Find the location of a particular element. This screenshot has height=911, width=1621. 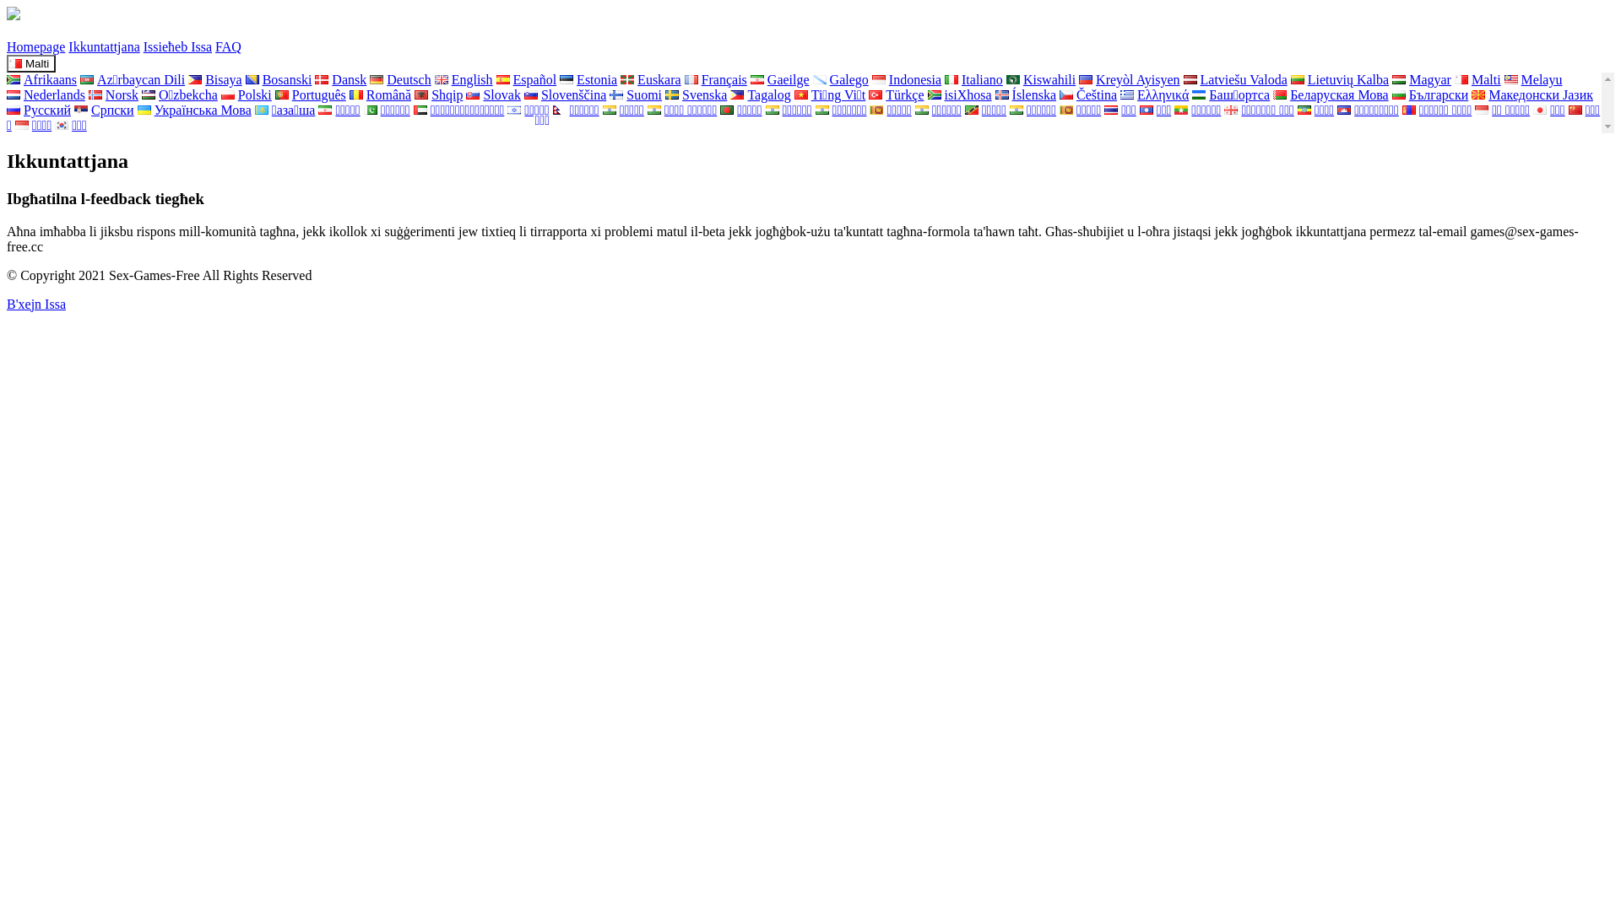

'Malti' is located at coordinates (31, 62).